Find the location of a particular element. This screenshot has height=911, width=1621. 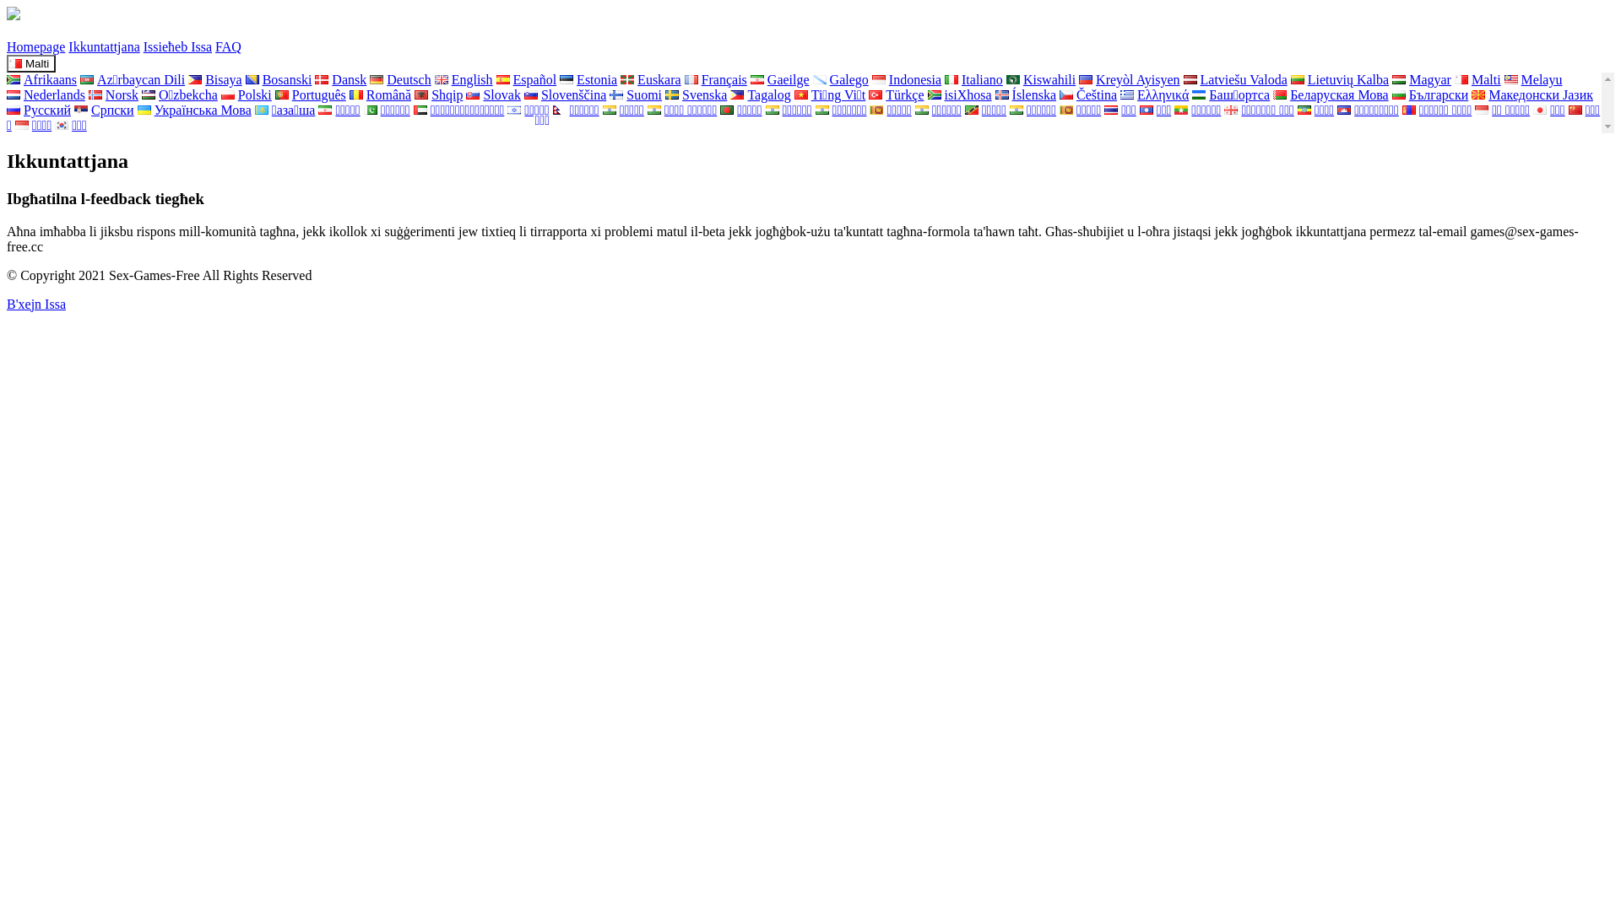

'Malti' is located at coordinates (31, 62).